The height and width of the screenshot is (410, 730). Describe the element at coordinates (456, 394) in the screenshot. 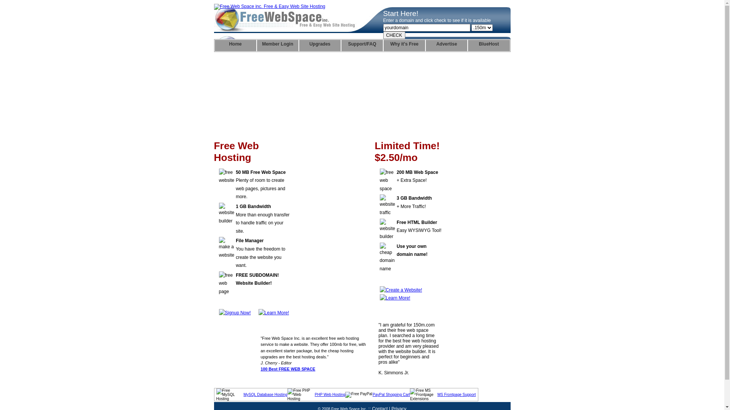

I see `'MS Frontpage Support'` at that location.